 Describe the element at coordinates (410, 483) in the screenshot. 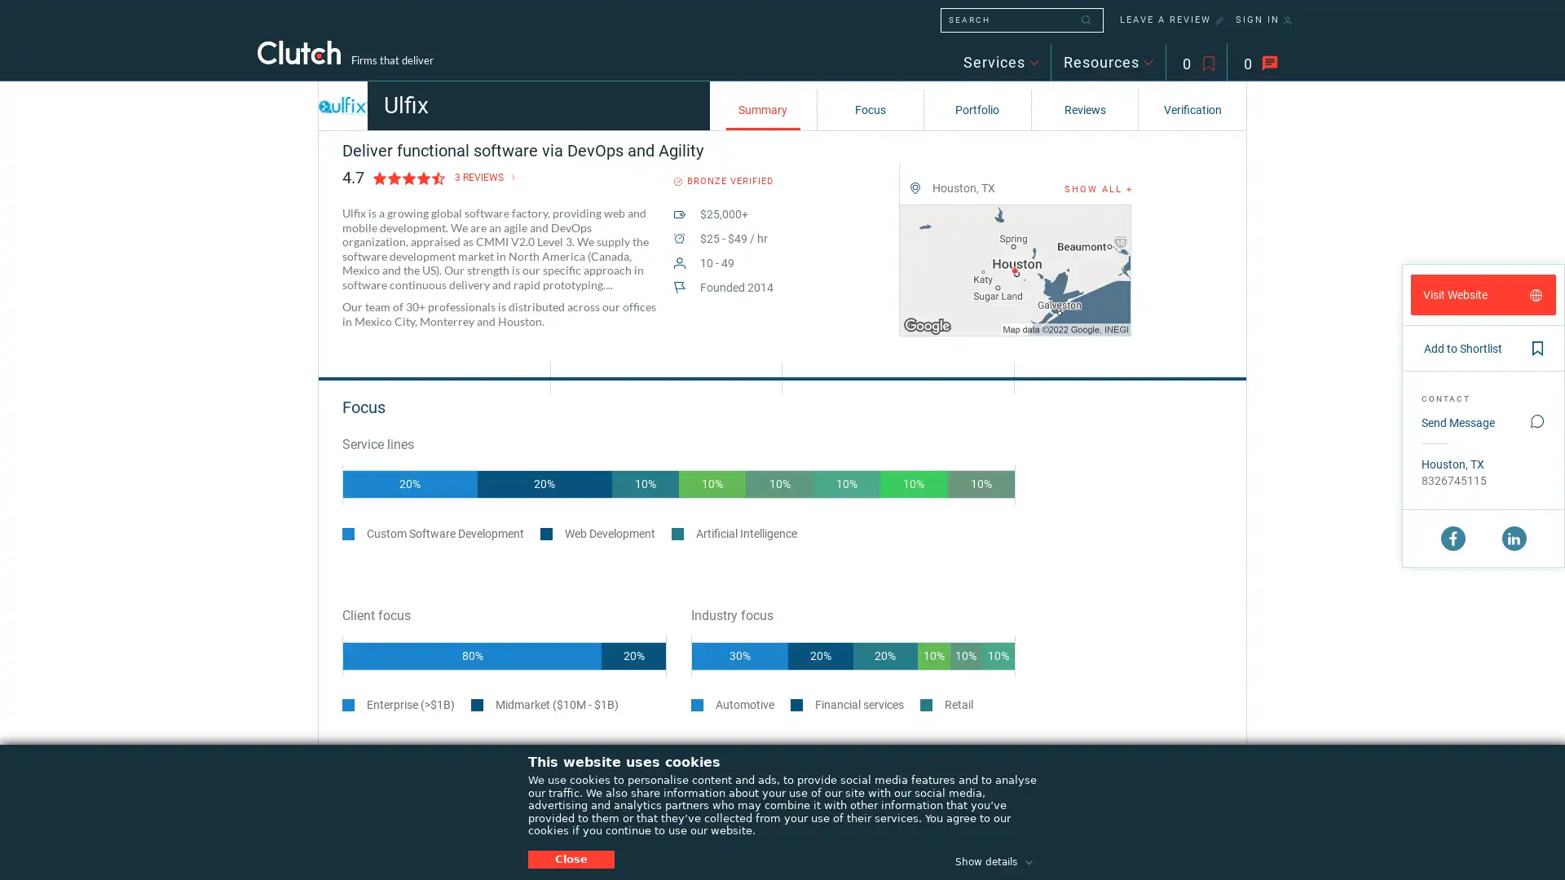

I see `20%` at that location.